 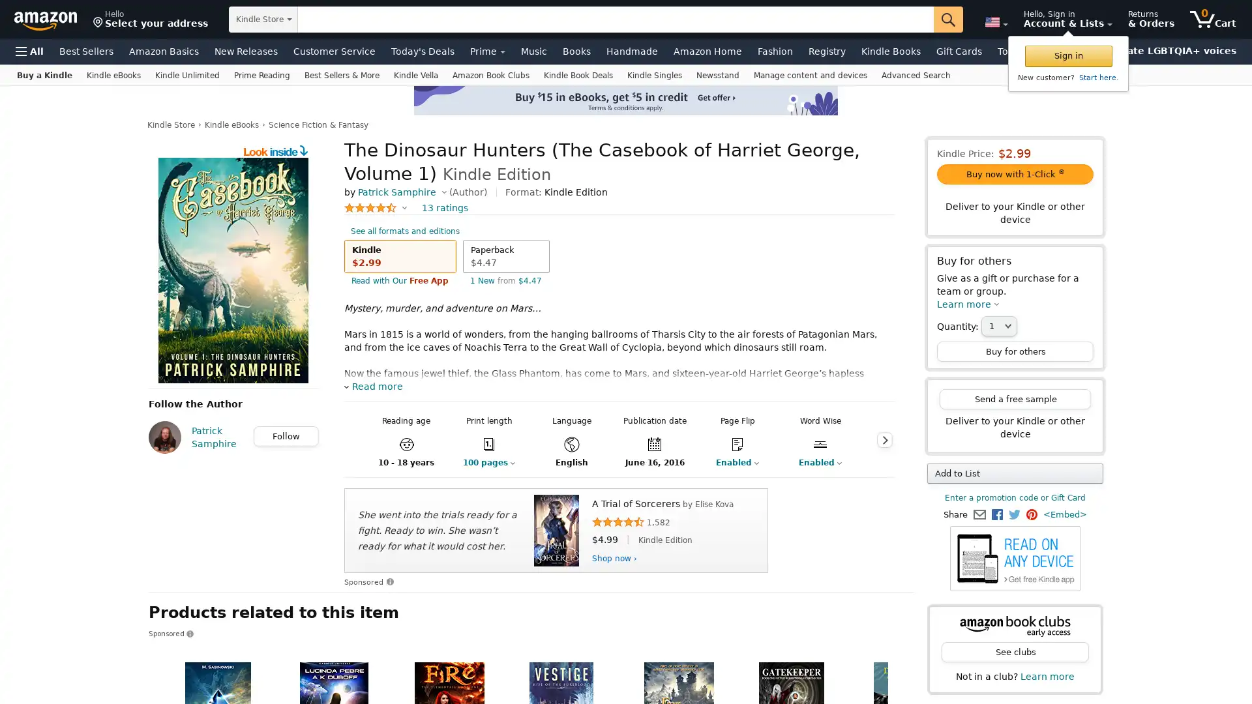 What do you see at coordinates (968, 304) in the screenshot?
I see `Learn more` at bounding box center [968, 304].